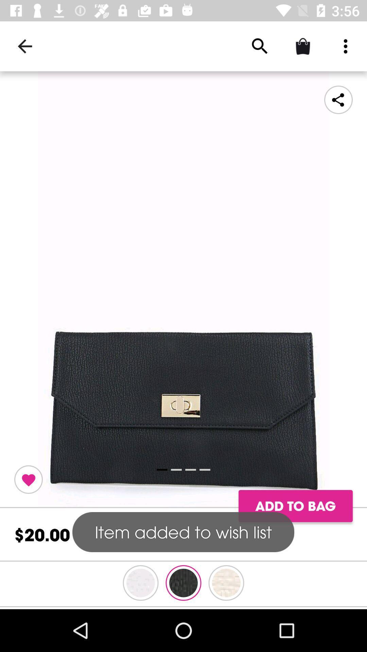 This screenshot has height=652, width=367. I want to click on the share icon, so click(338, 99).